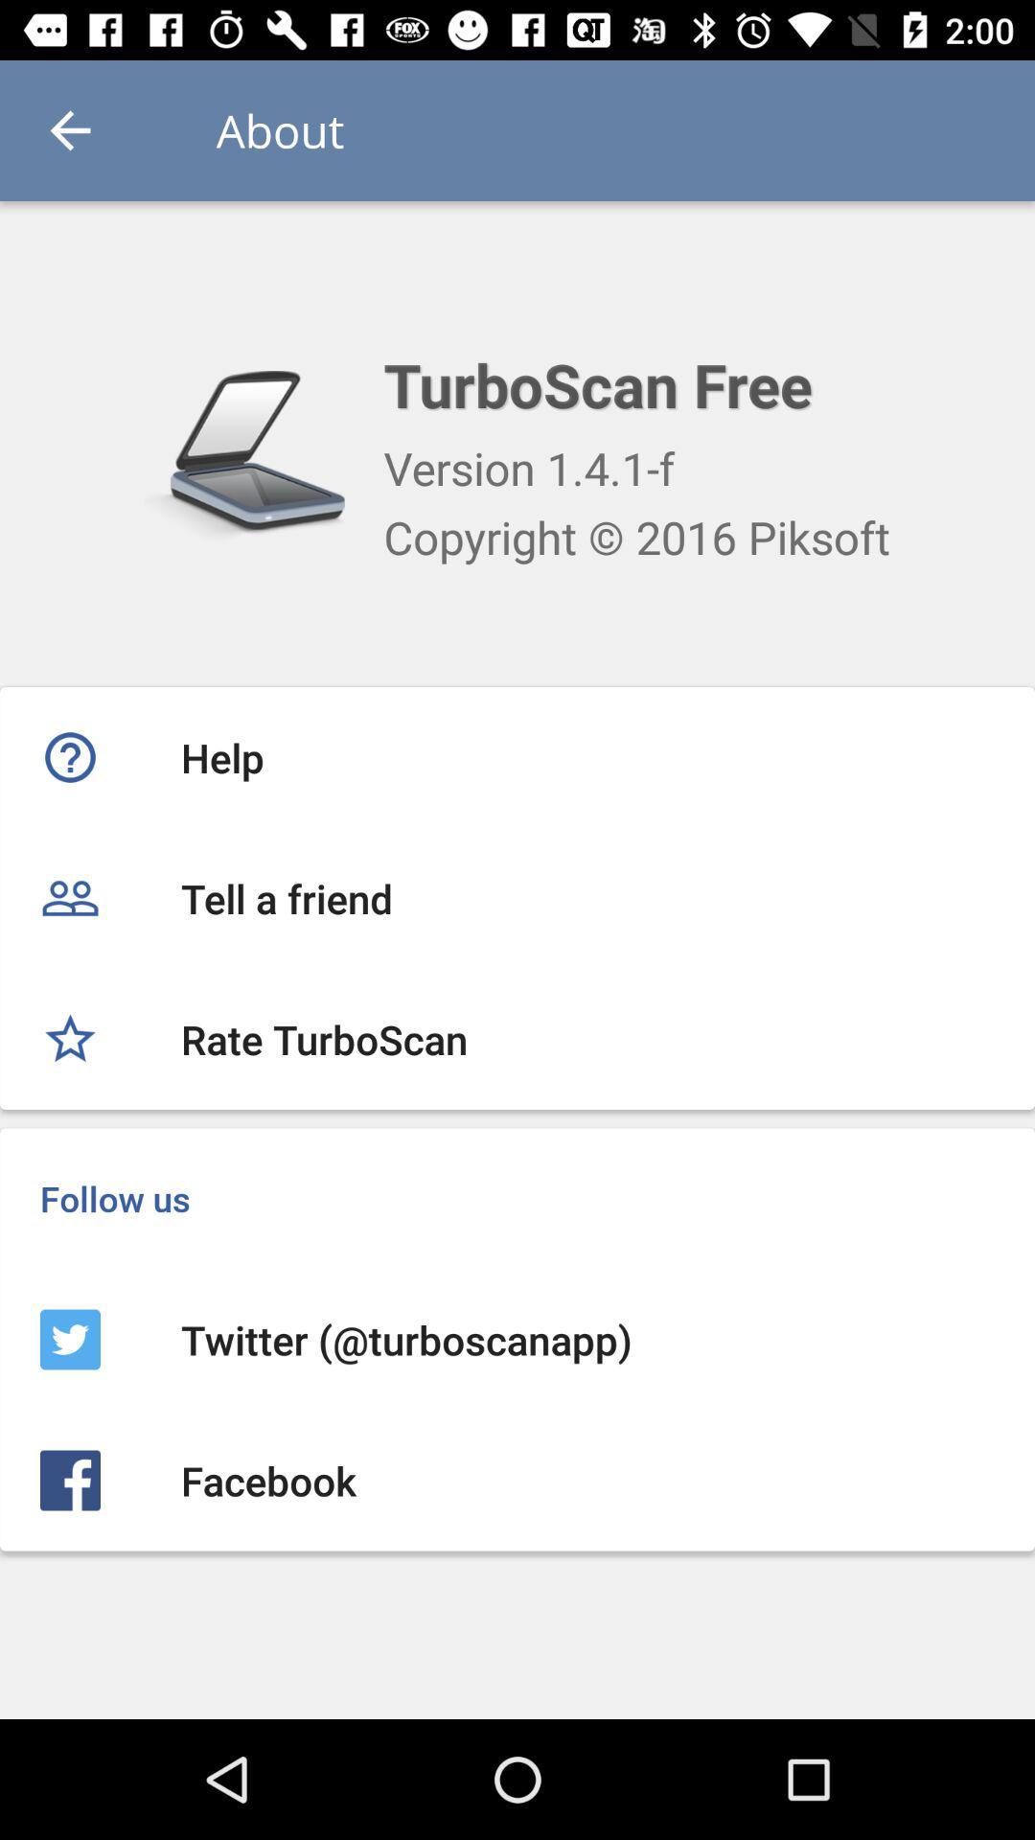 The image size is (1035, 1840). I want to click on icon above the follow us, so click(517, 1038).